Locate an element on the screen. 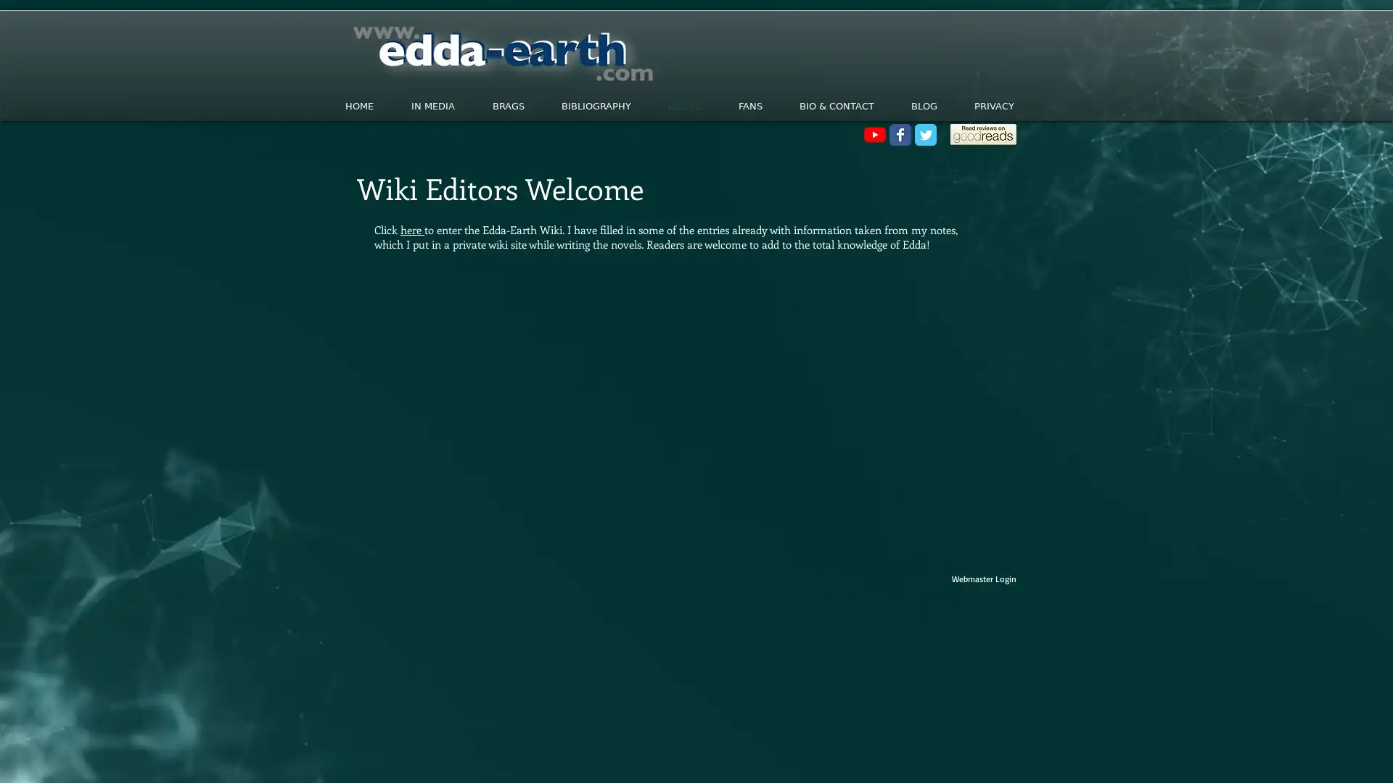  Accept is located at coordinates (1328, 757).